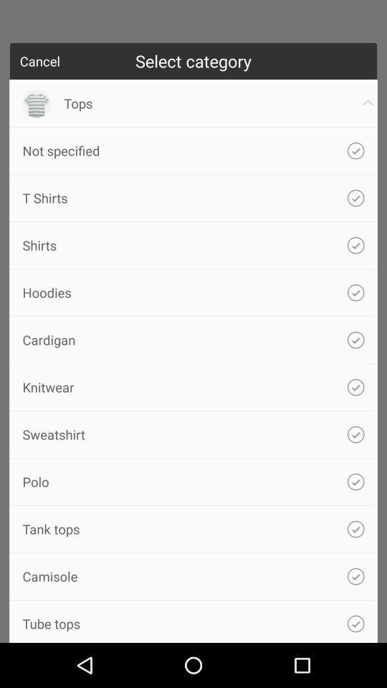 The height and width of the screenshot is (688, 387). Describe the element at coordinates (39, 61) in the screenshot. I see `the cancel` at that location.